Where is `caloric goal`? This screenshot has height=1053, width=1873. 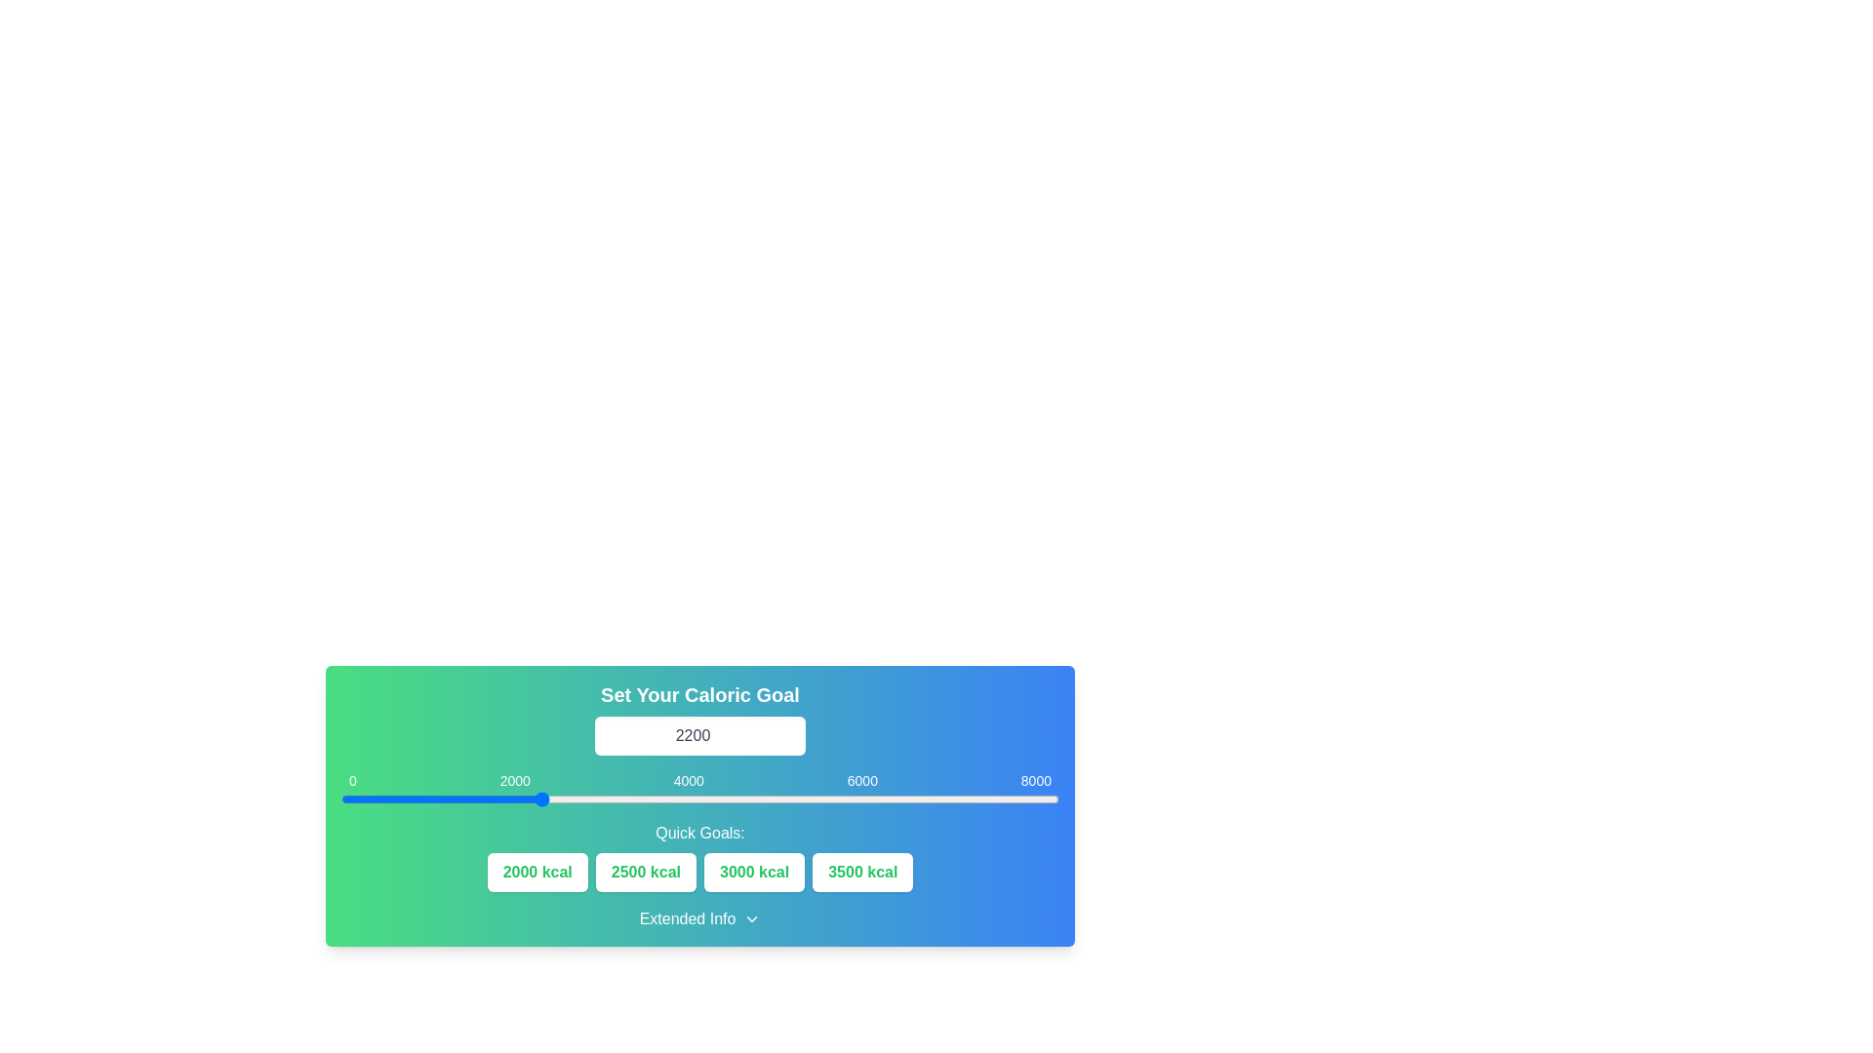
caloric goal is located at coordinates (617, 799).